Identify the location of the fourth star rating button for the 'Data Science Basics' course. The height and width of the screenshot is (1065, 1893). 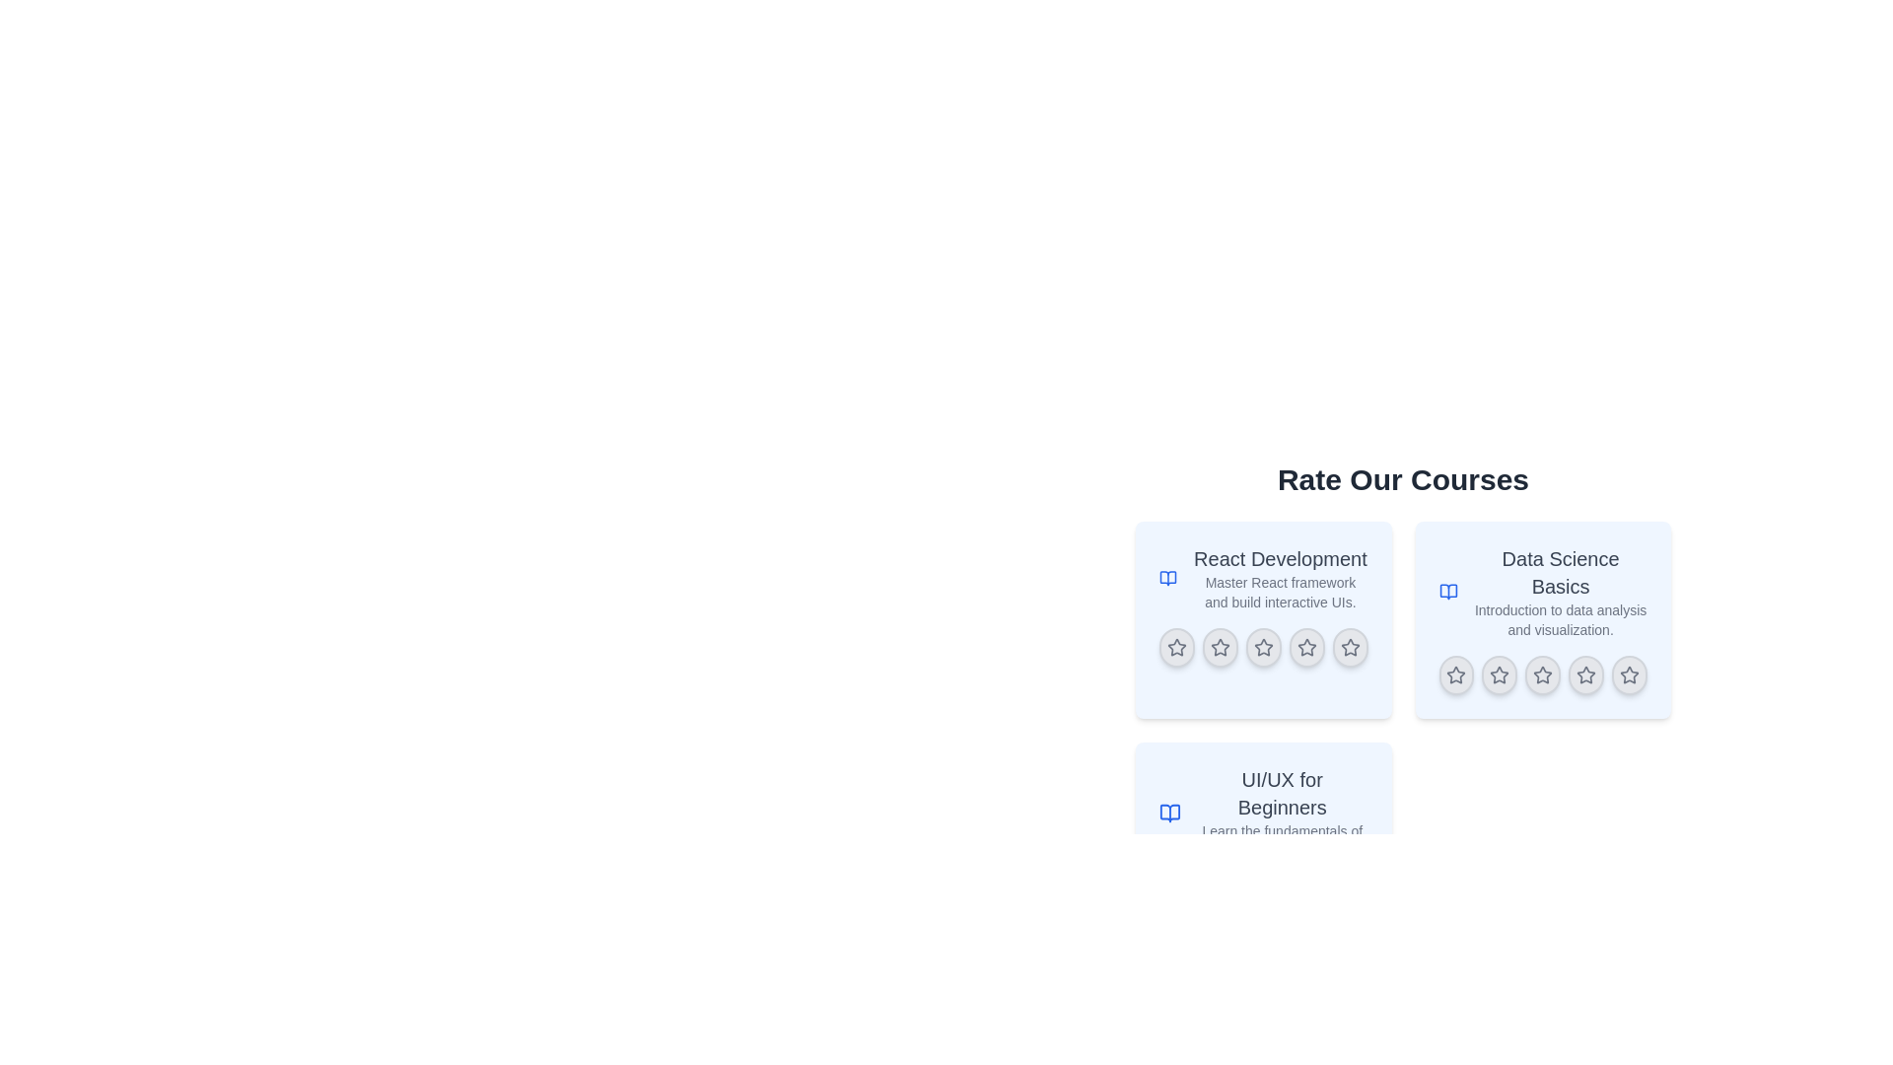
(1586, 674).